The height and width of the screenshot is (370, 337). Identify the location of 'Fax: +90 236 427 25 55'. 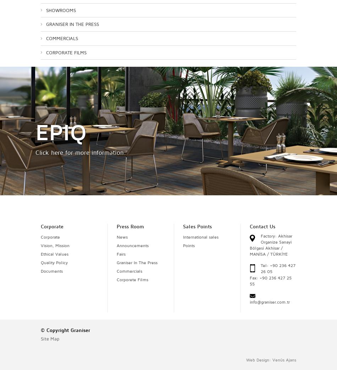
(270, 281).